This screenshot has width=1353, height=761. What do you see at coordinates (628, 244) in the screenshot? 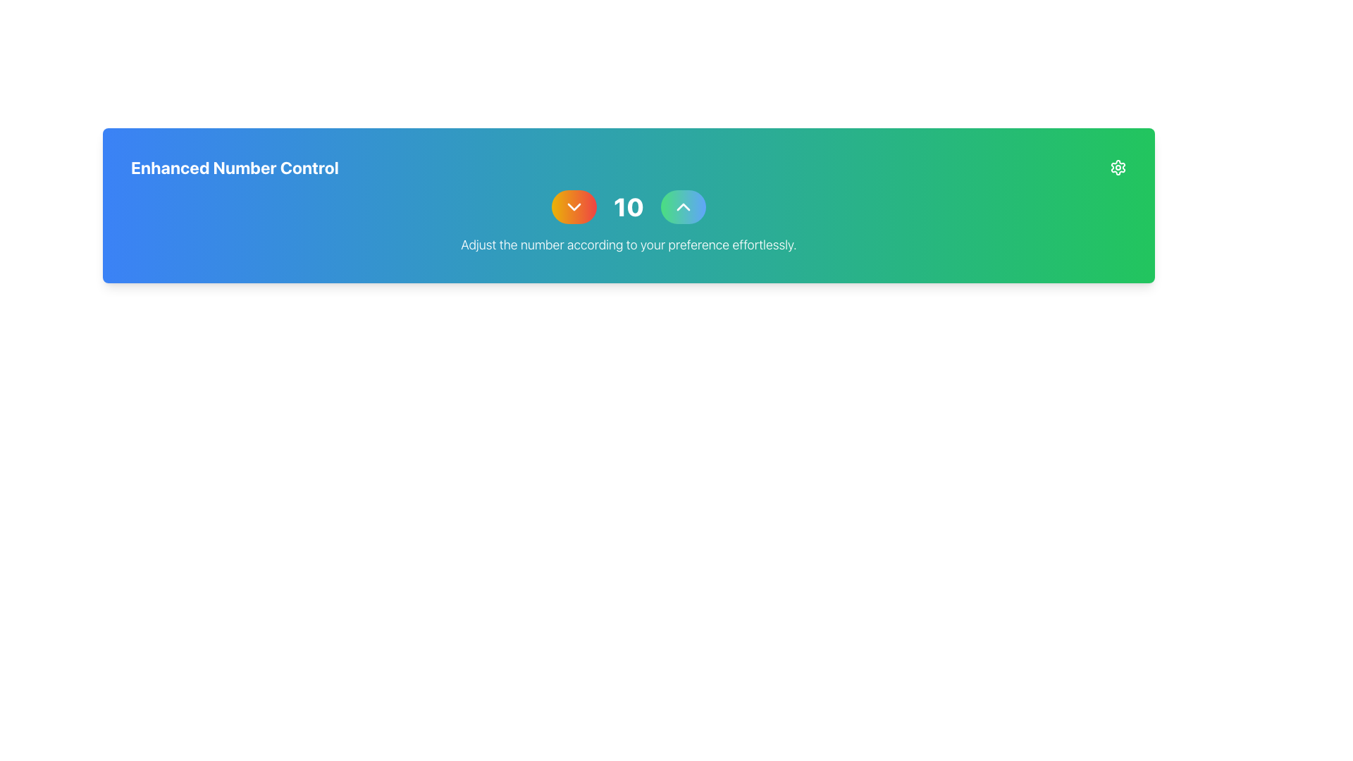
I see `the instructional static text element located centrally below the numeric display and two arrow buttons, which is the only text element in that area` at bounding box center [628, 244].